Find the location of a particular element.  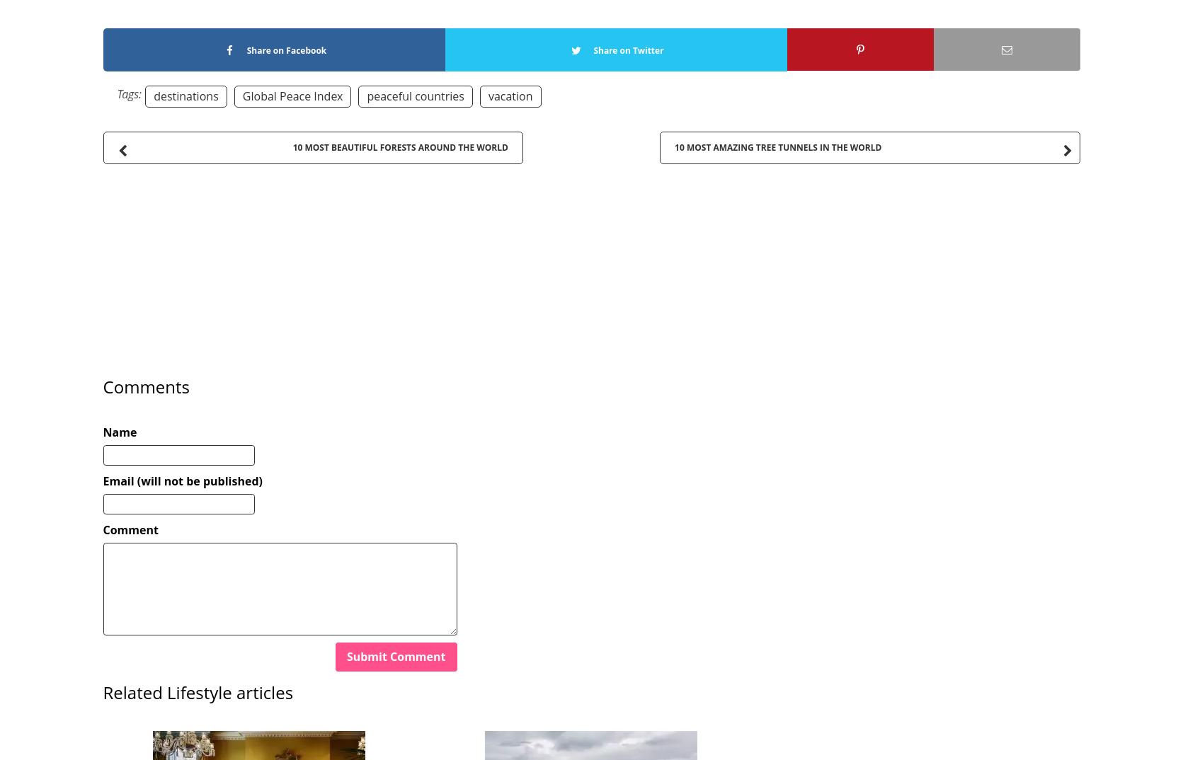

'vacation' is located at coordinates (509, 95).